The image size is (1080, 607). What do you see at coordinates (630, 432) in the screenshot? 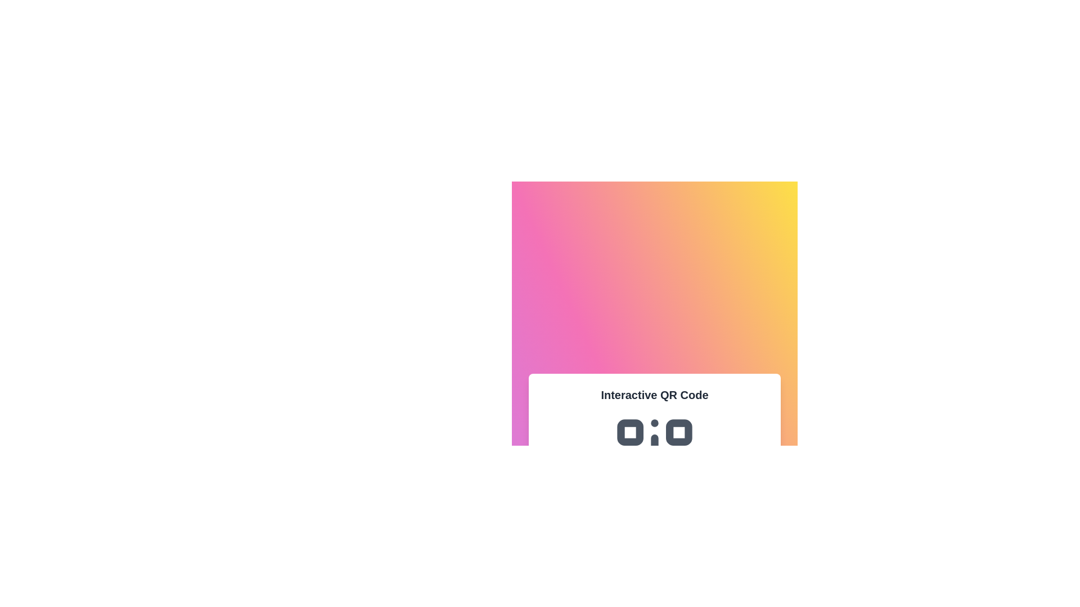
I see `the top-left square of the QR code-like structure, which is a graphical icon or decorative element, located at the bottom-center of the interface` at bounding box center [630, 432].